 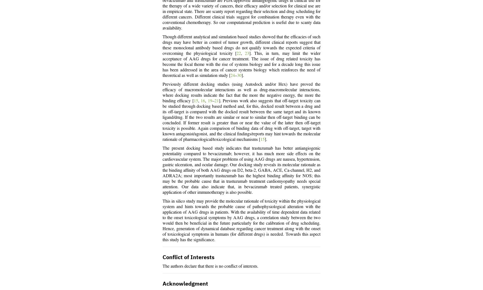 I want to click on 'Acknowledgment', so click(x=185, y=284).